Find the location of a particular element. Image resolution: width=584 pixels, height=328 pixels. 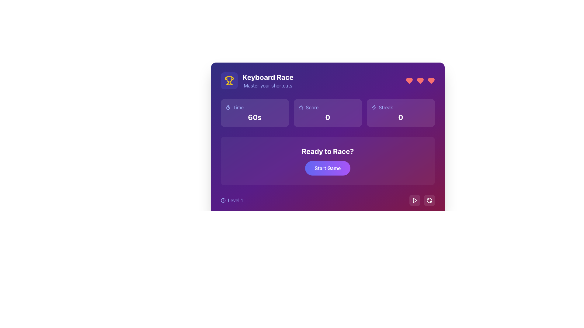

the button with a triangular play icon in white, located at the bottom-right corner of the view with a purple background is located at coordinates (414, 200).